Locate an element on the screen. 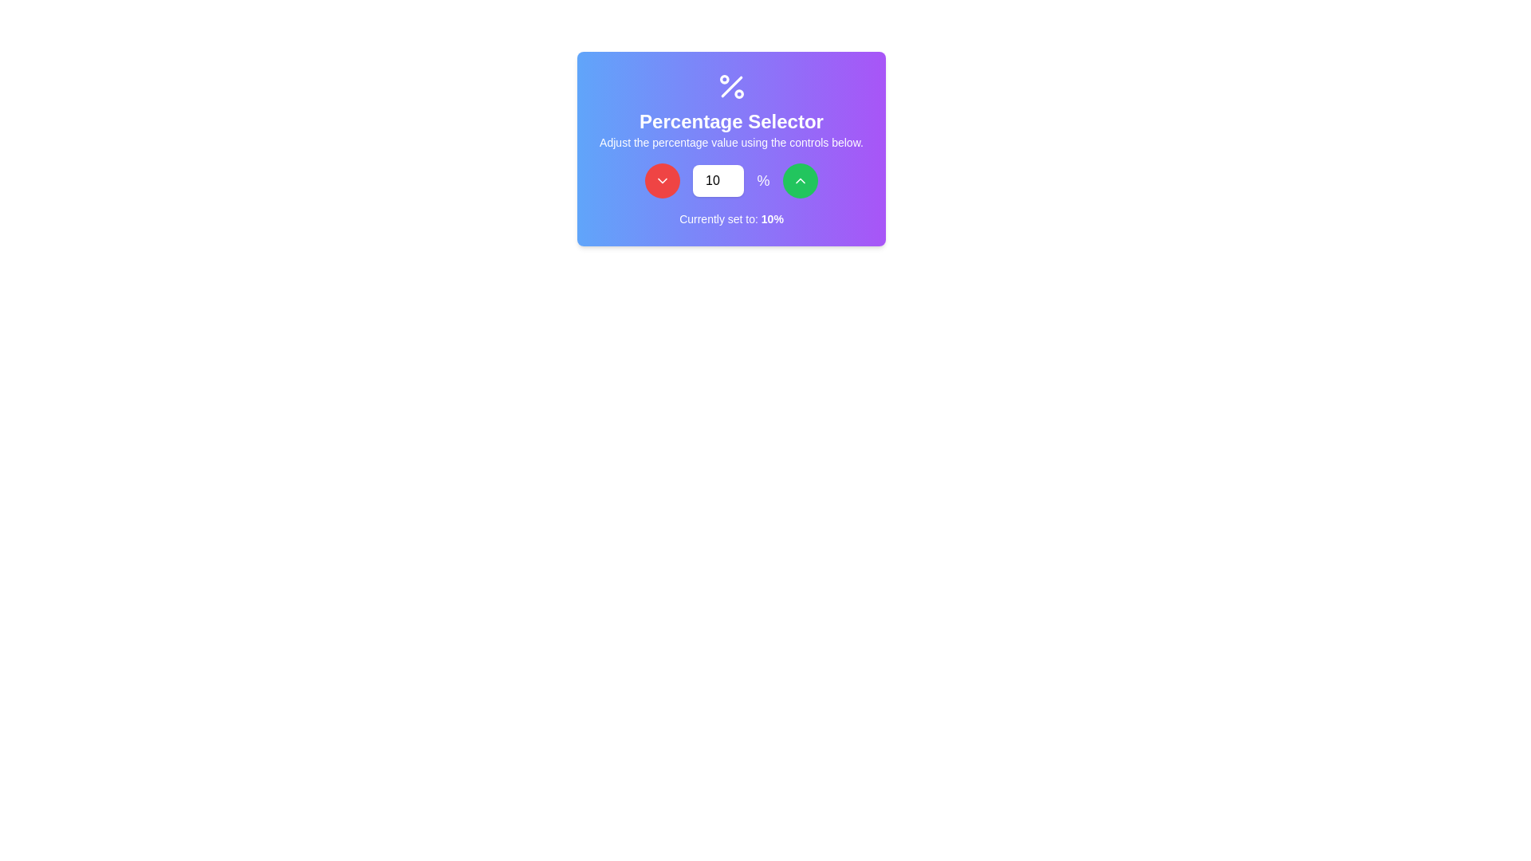 The height and width of the screenshot is (861, 1531). the button that increases the percentage value, located in the top-right corner of the percentage selector interface, next to the '%' text element is located at coordinates (800, 180).